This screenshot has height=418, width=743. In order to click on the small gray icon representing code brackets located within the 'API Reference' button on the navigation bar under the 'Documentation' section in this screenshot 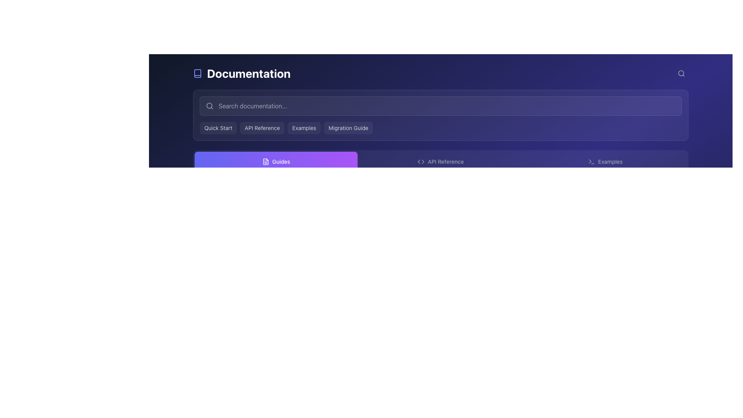, I will do `click(421, 161)`.